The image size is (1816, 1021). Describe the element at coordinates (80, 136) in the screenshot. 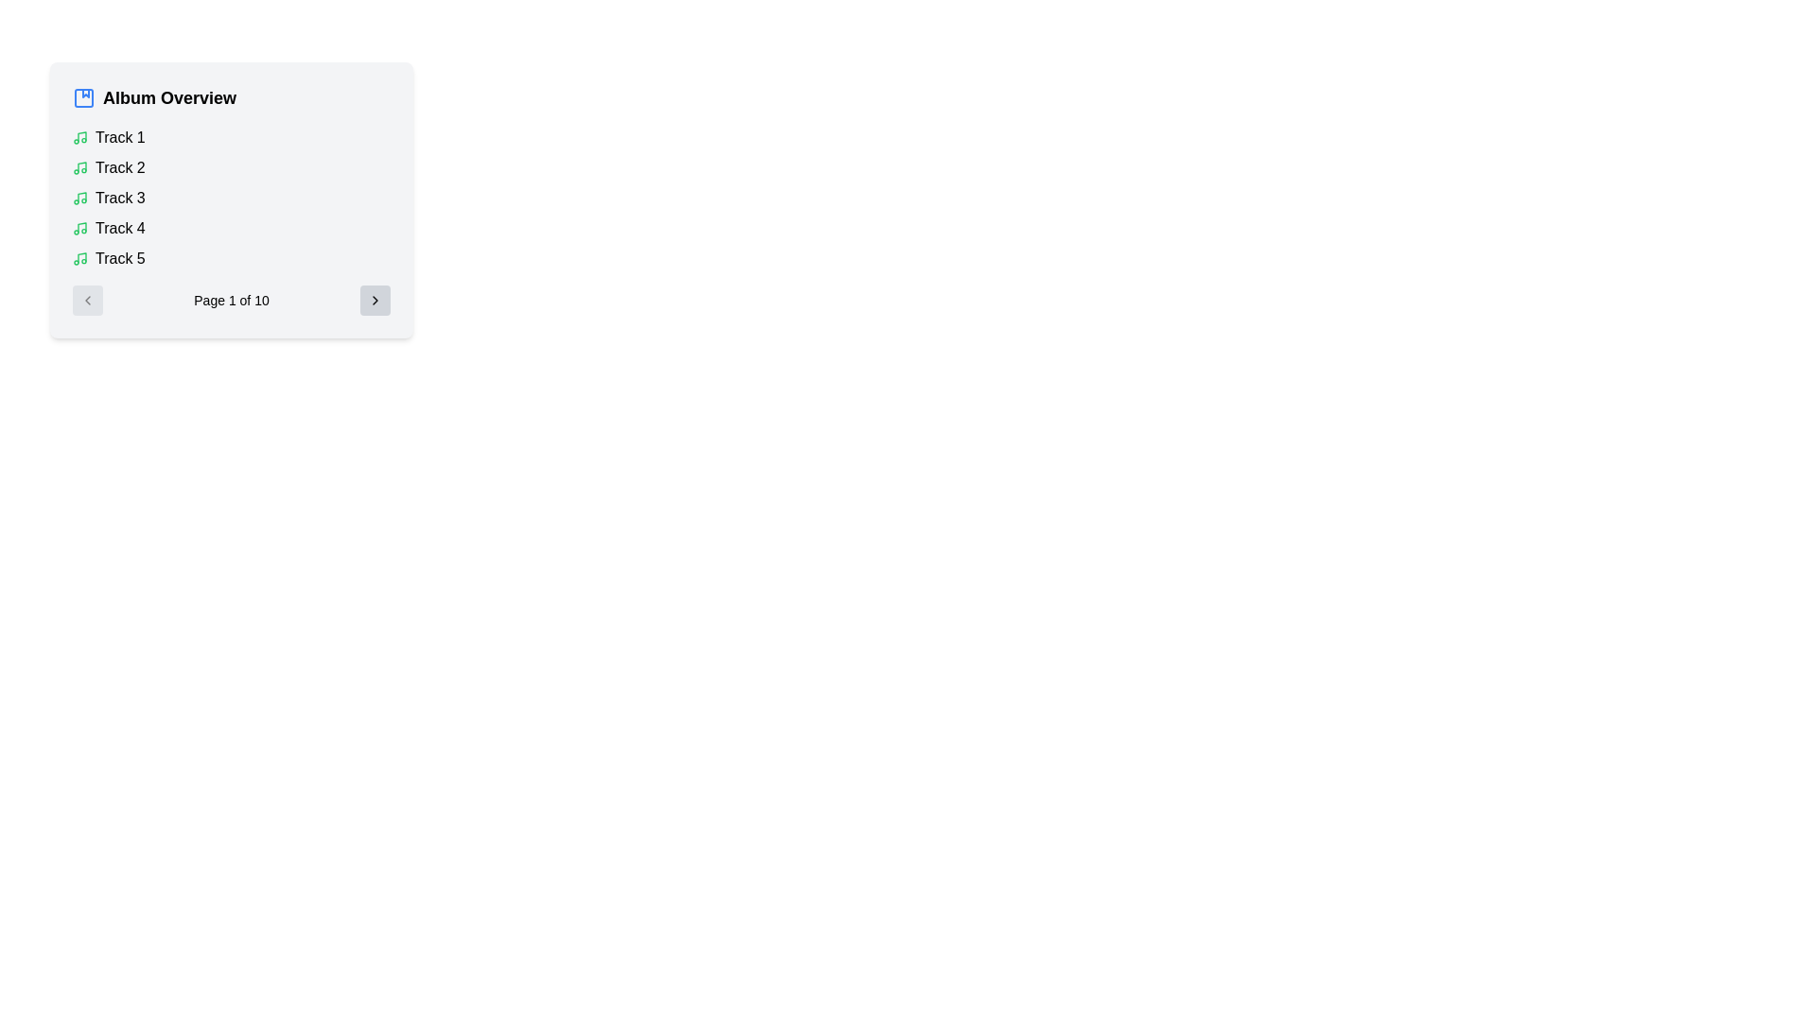

I see `the first musical note icon in the 'Album Overview' section, which is styled in green and positioned to the left of the text 'Track 1'` at that location.